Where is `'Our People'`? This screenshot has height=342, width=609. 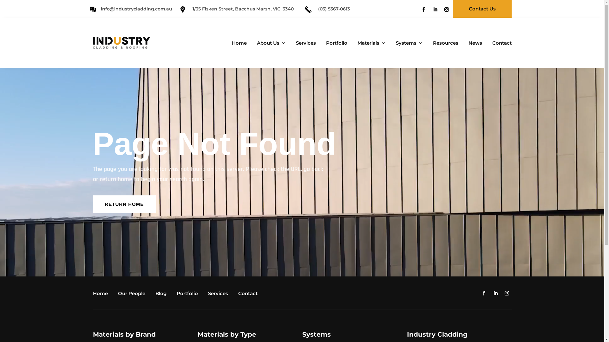
'Our People' is located at coordinates (118, 294).